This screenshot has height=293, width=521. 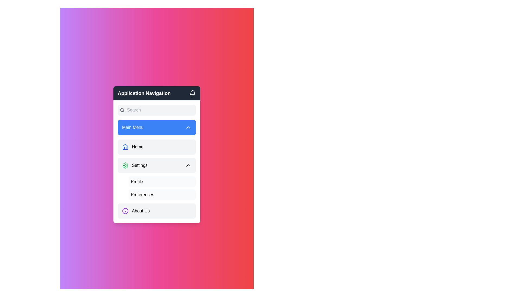 What do you see at coordinates (188, 128) in the screenshot?
I see `the chevron/arrow icon to visually highlight it, which controls the expandable state of the 'Main Menu.'` at bounding box center [188, 128].